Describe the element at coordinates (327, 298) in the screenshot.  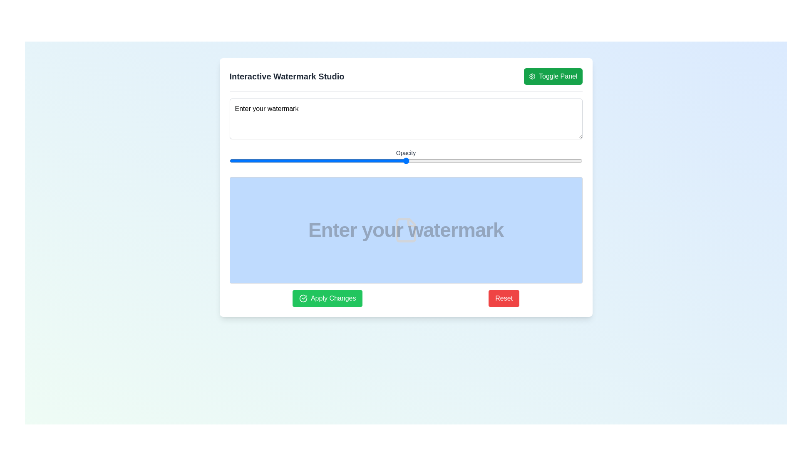
I see `the green 'Apply Changes' button with rounded corners, which has a white checkmark icon on the left and is located at the bottom left of the interface, to apply changes` at that location.